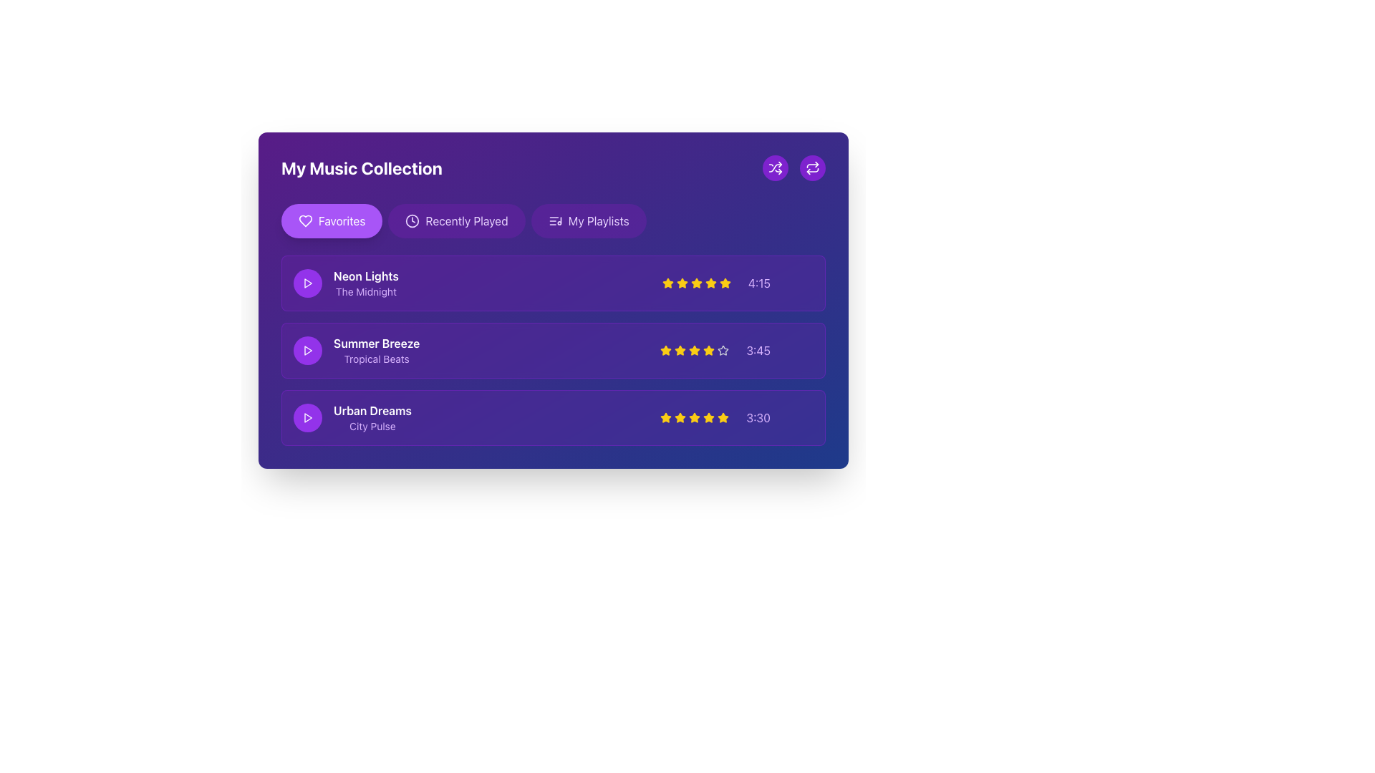 The width and height of the screenshot is (1375, 773). What do you see at coordinates (665, 350) in the screenshot?
I see `the third yellow star icon to set or change the rating for the song 'Summer Breeze' in the playlist` at bounding box center [665, 350].